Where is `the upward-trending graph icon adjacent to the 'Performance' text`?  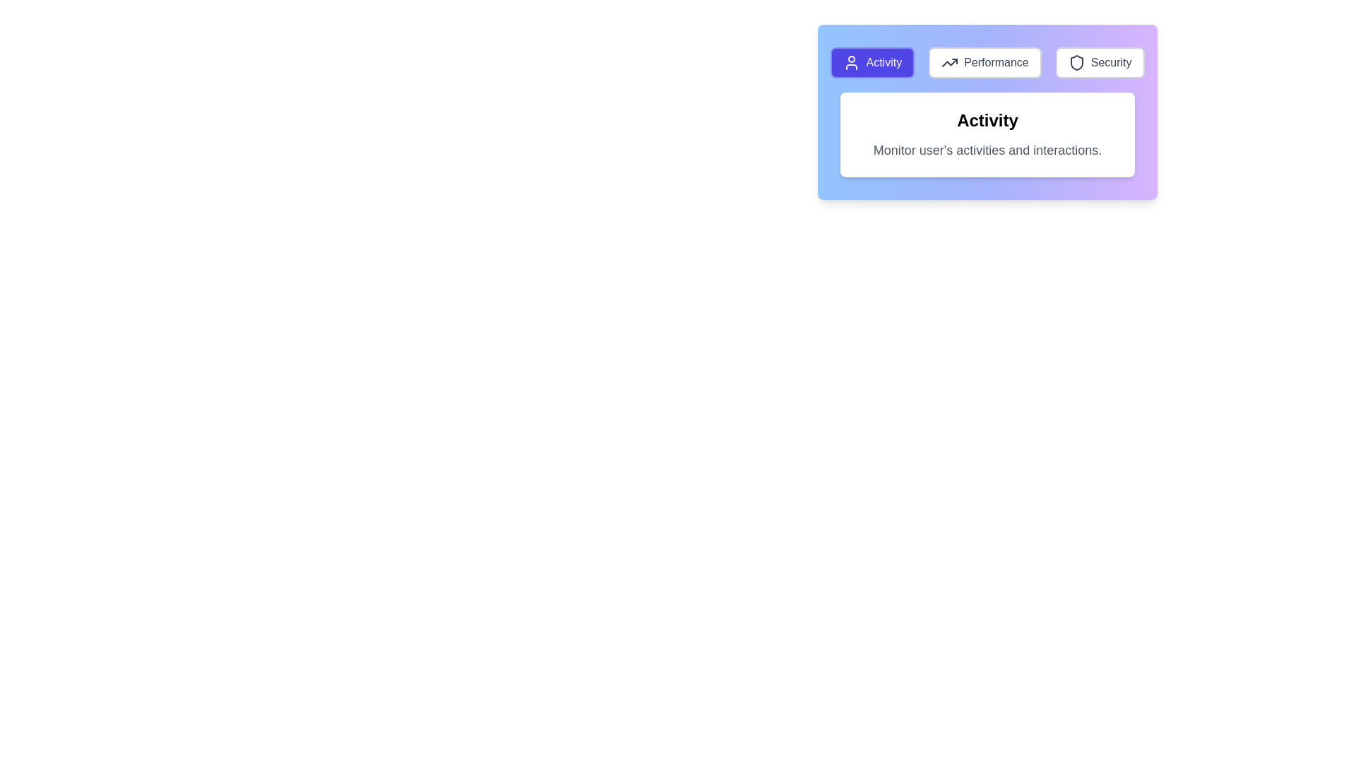 the upward-trending graph icon adjacent to the 'Performance' text is located at coordinates (950, 61).